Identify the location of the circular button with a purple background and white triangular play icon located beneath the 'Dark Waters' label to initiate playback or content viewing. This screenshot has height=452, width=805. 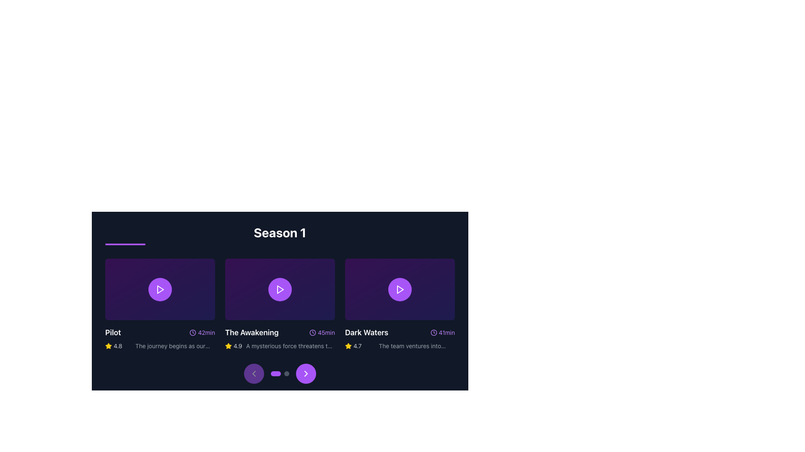
(400, 288).